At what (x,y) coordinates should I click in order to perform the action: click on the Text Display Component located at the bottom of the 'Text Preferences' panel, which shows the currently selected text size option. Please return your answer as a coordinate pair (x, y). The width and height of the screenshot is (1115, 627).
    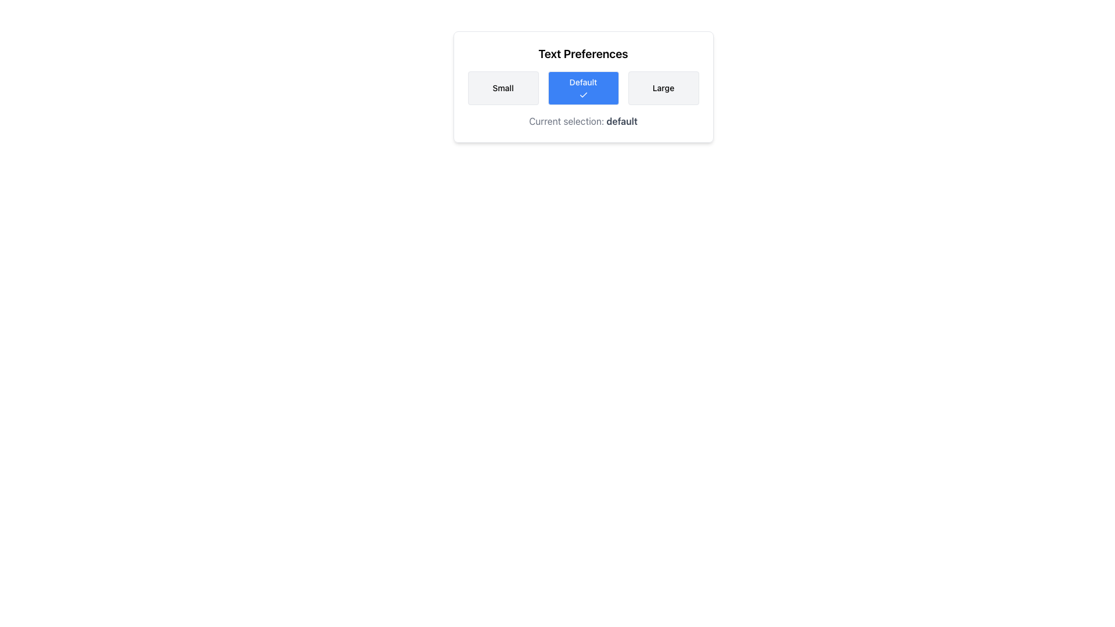
    Looking at the image, I should click on (583, 121).